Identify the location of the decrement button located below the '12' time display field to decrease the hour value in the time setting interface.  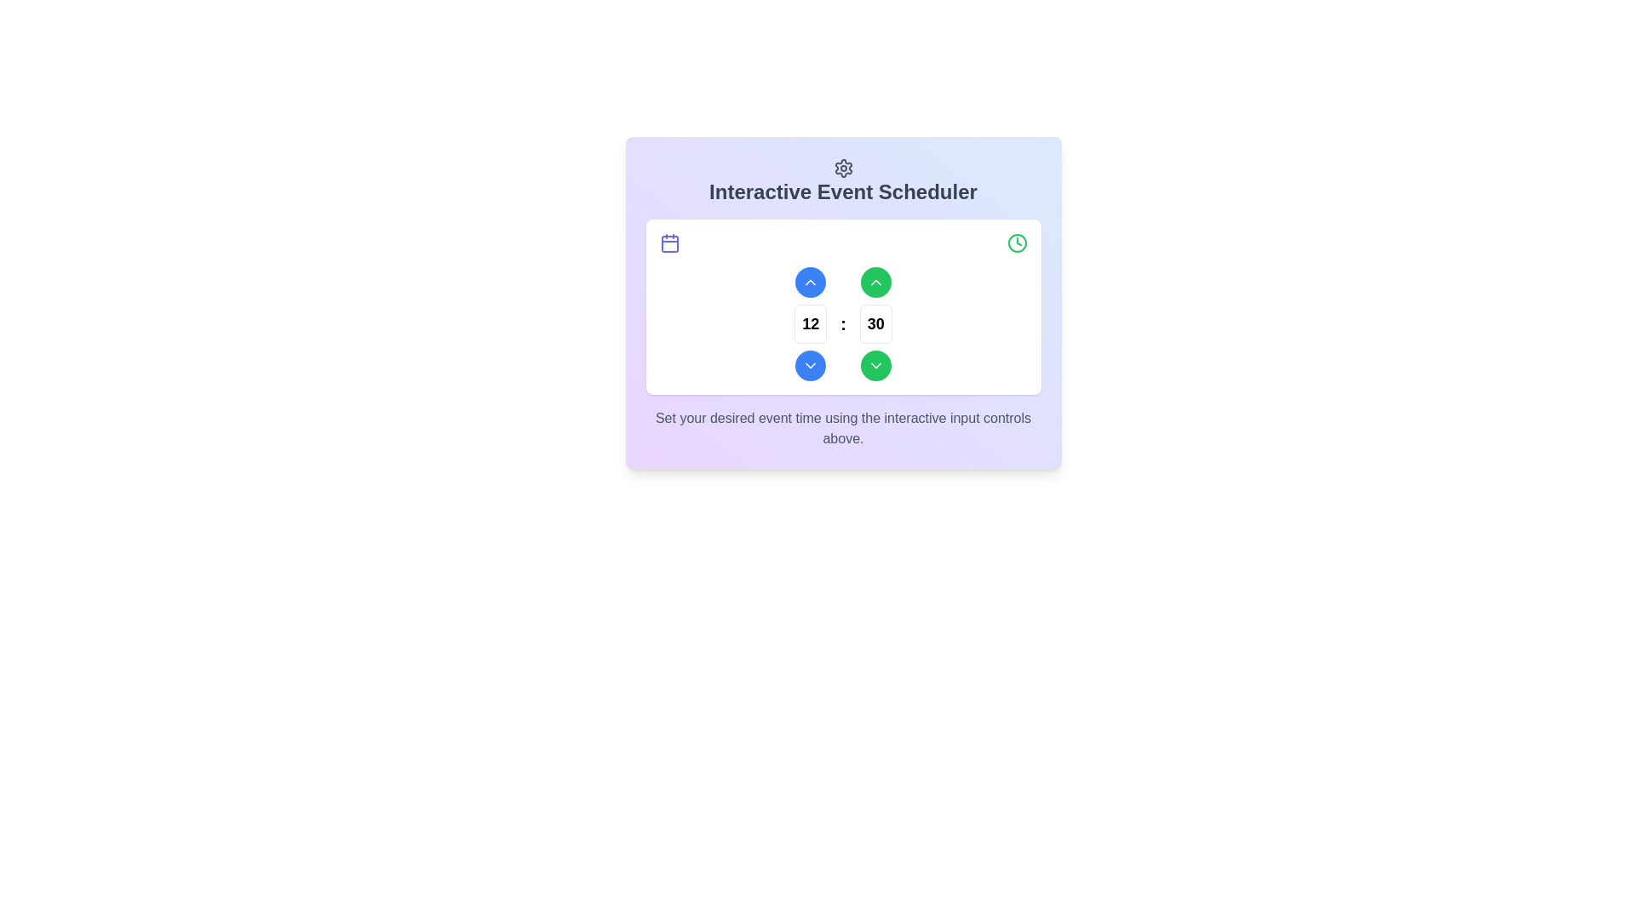
(810, 364).